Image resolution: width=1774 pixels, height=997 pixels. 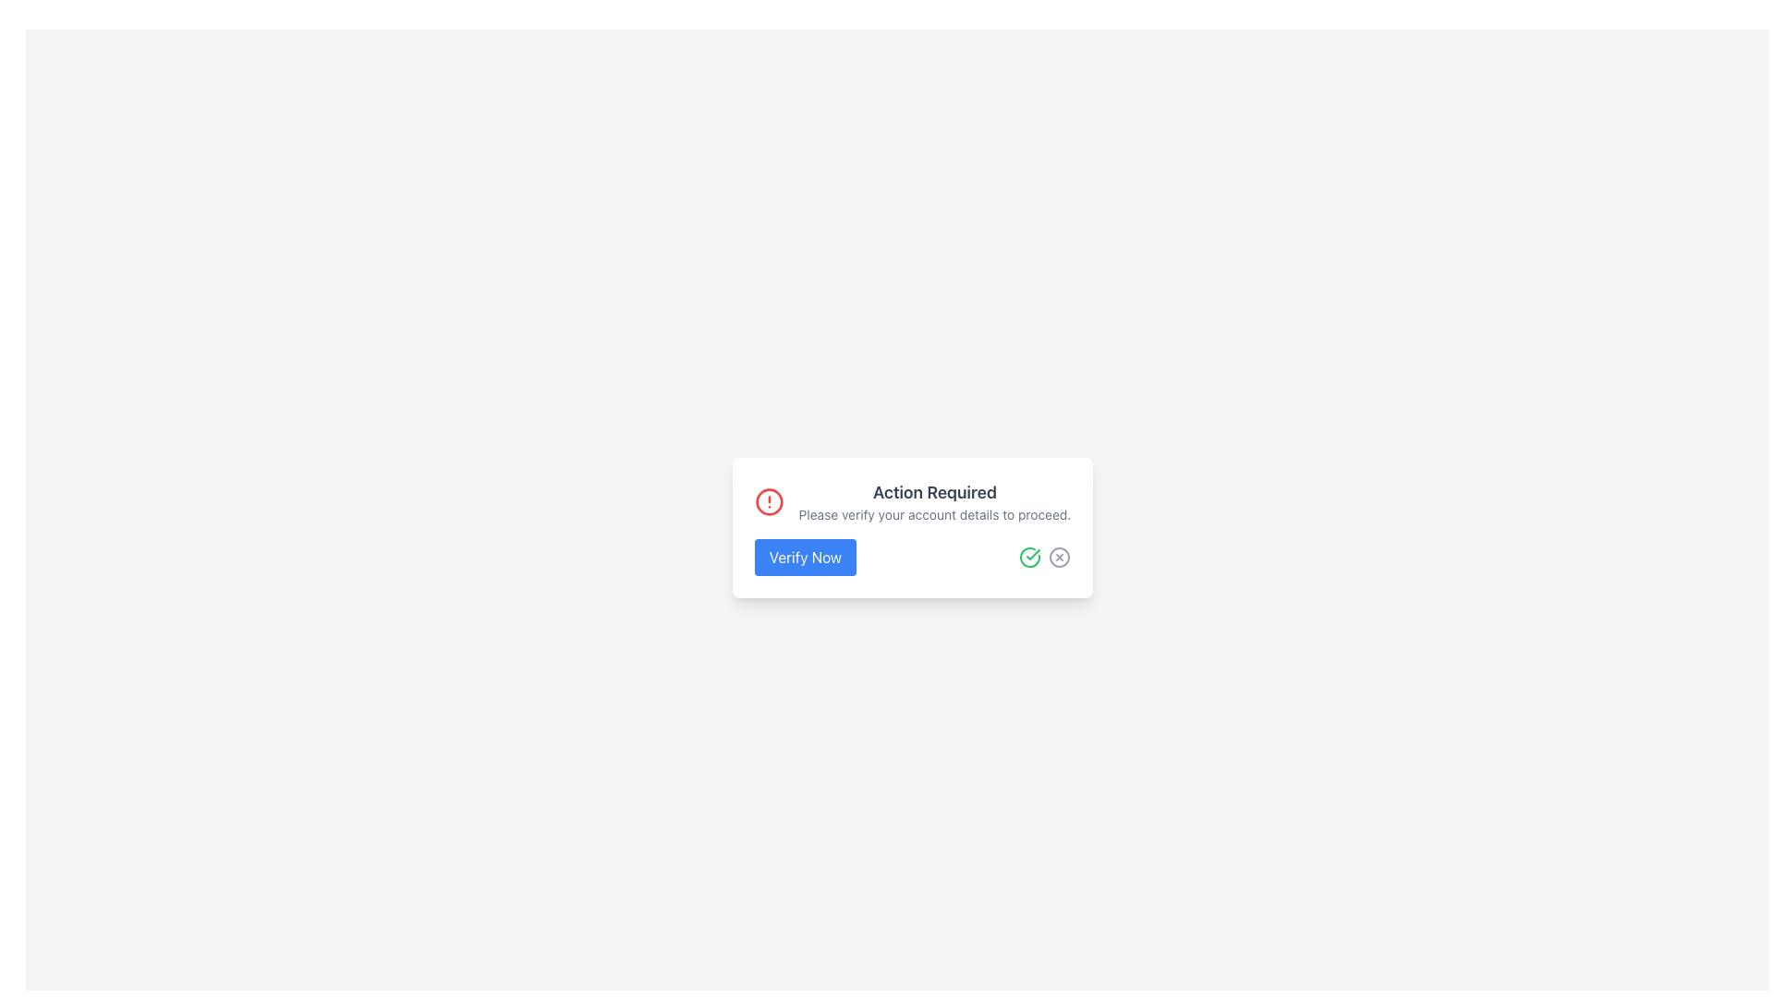 I want to click on text block containing 'Action Required' and 'Please verify your account details to proceed.' which is centrally located below a red icon and above a blue 'Verify Now' button, so click(x=935, y=501).